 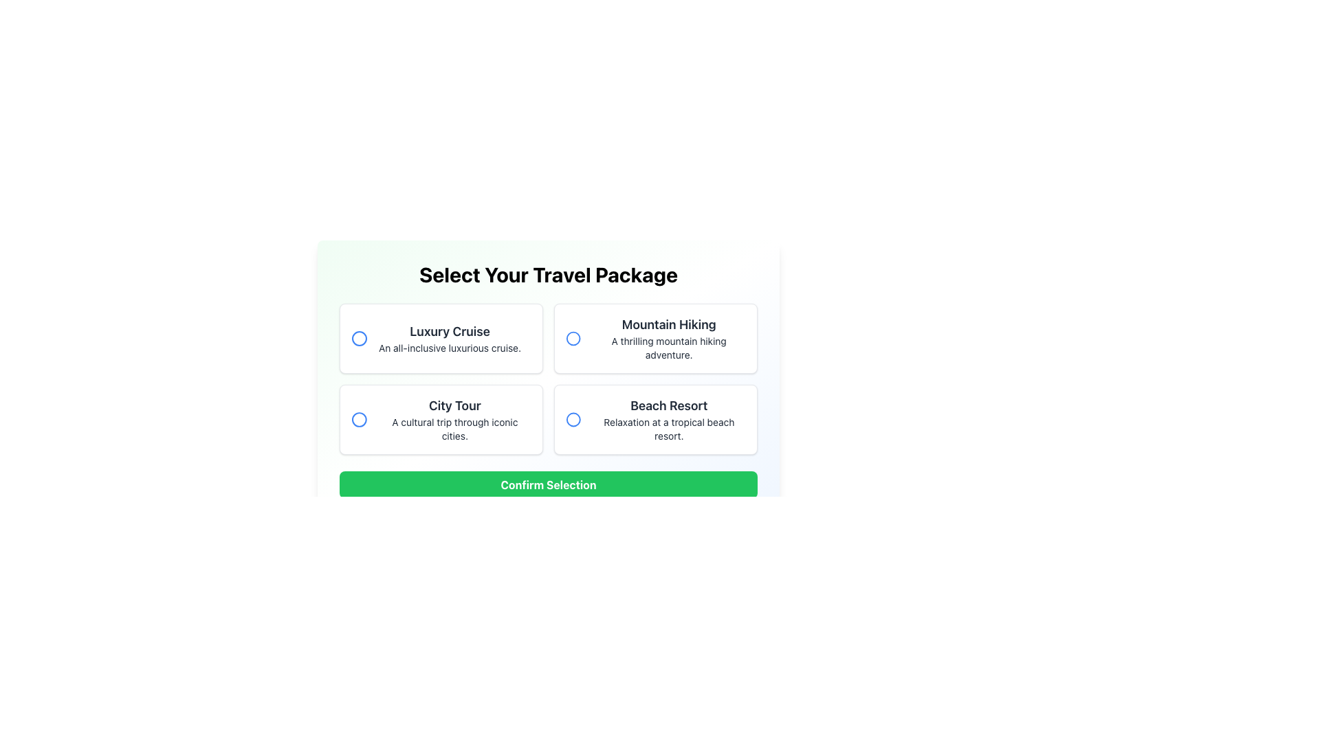 I want to click on the descriptive text label located below the 'Luxury Cruise' heading in the first card of the travel package selection grid, so click(x=450, y=347).